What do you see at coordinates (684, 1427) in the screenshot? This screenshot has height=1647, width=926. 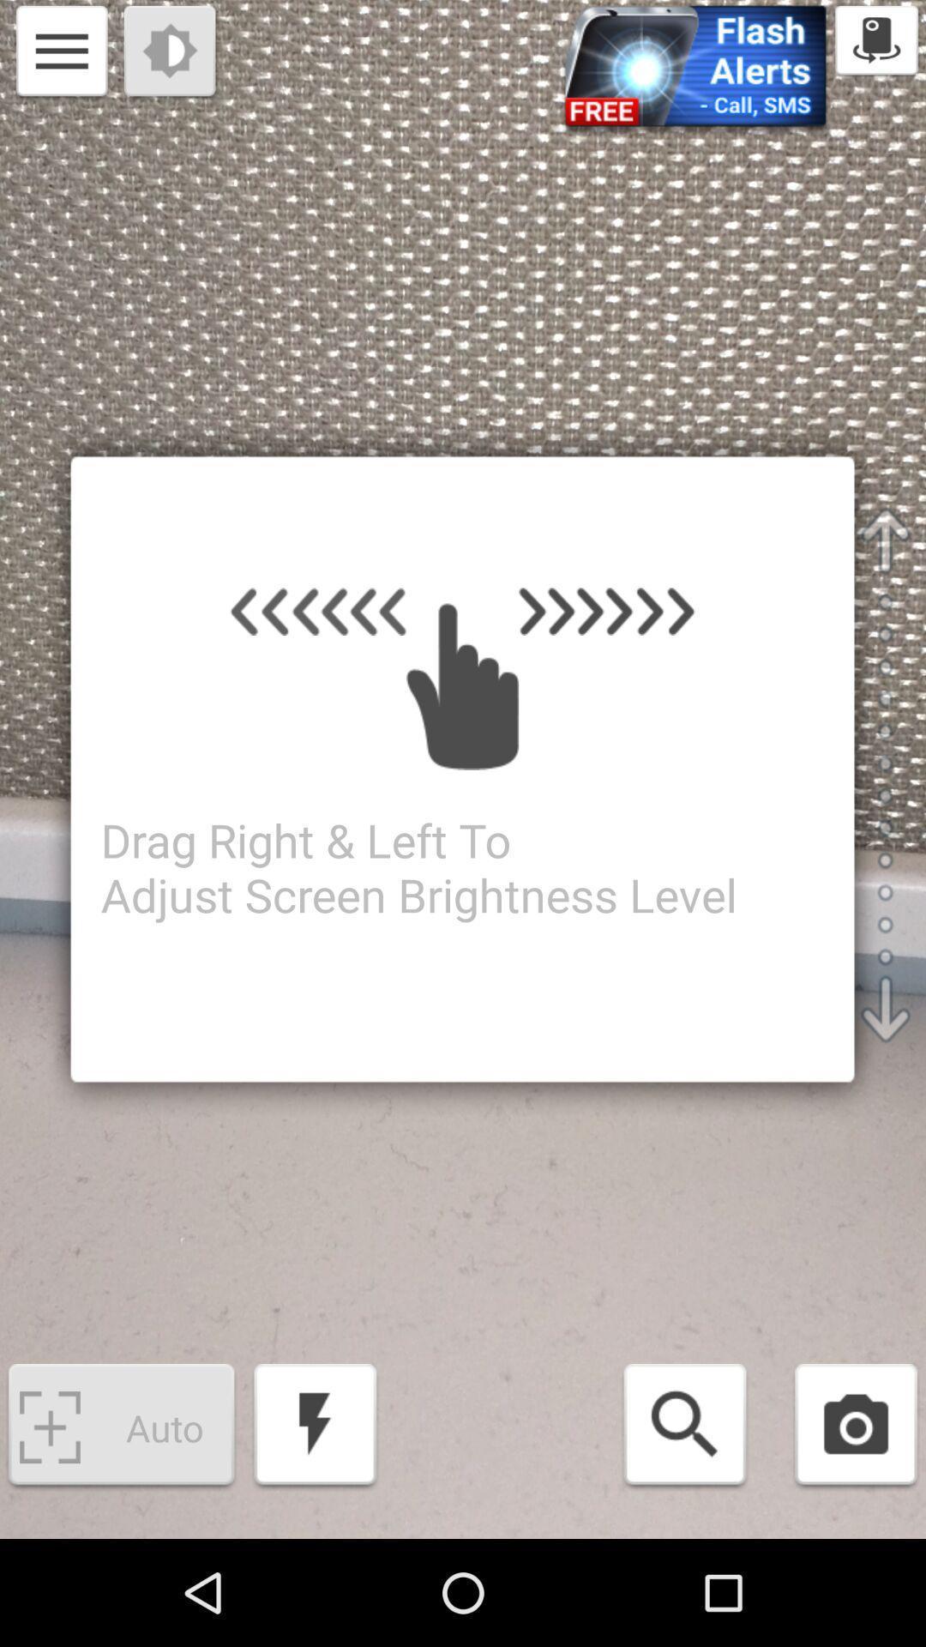 I see `app below the drag right left` at bounding box center [684, 1427].